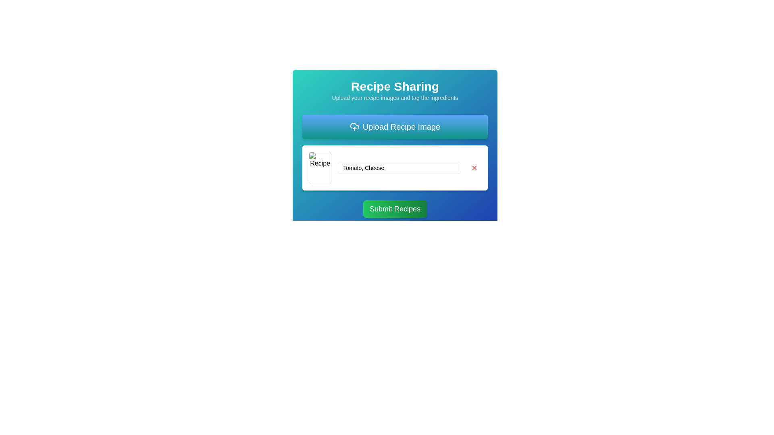  I want to click on the 'Submit Recipes' button, which is a horizontally aligned, rectangular button with a vibrant green gradient background and white text, positioned below the ingredients input field, so click(395, 209).